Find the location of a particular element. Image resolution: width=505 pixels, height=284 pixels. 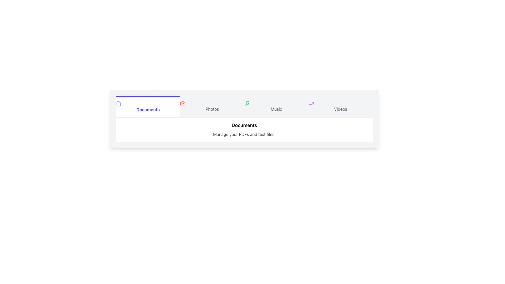

the 'Documents' label is located at coordinates (148, 109).